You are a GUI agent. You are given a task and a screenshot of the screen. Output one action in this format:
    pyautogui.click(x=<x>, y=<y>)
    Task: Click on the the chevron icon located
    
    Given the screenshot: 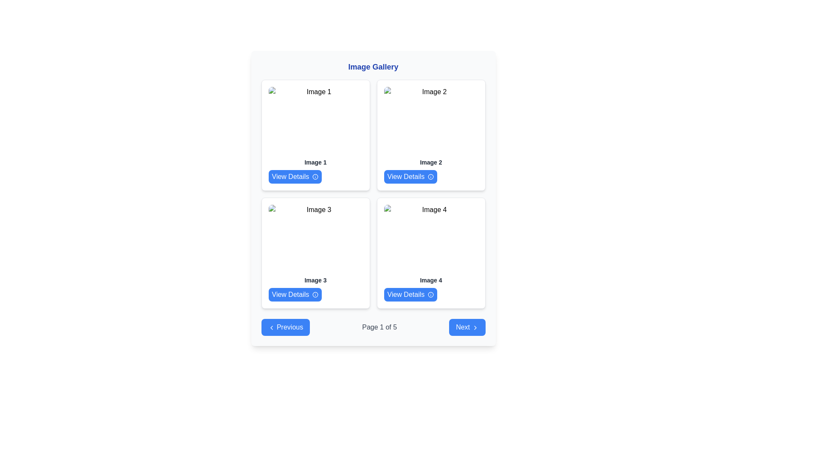 What is the action you would take?
    pyautogui.click(x=271, y=327)
    